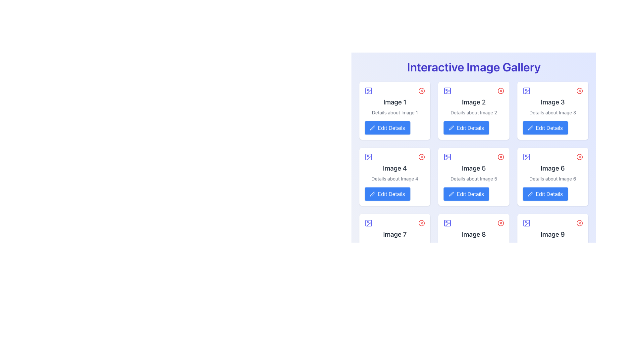  What do you see at coordinates (451, 128) in the screenshot?
I see `the small white pen icon located to the left of the 'Edit Details' text within the 'Edit Details' button in the 'Image 2' card of the image gallery` at bounding box center [451, 128].